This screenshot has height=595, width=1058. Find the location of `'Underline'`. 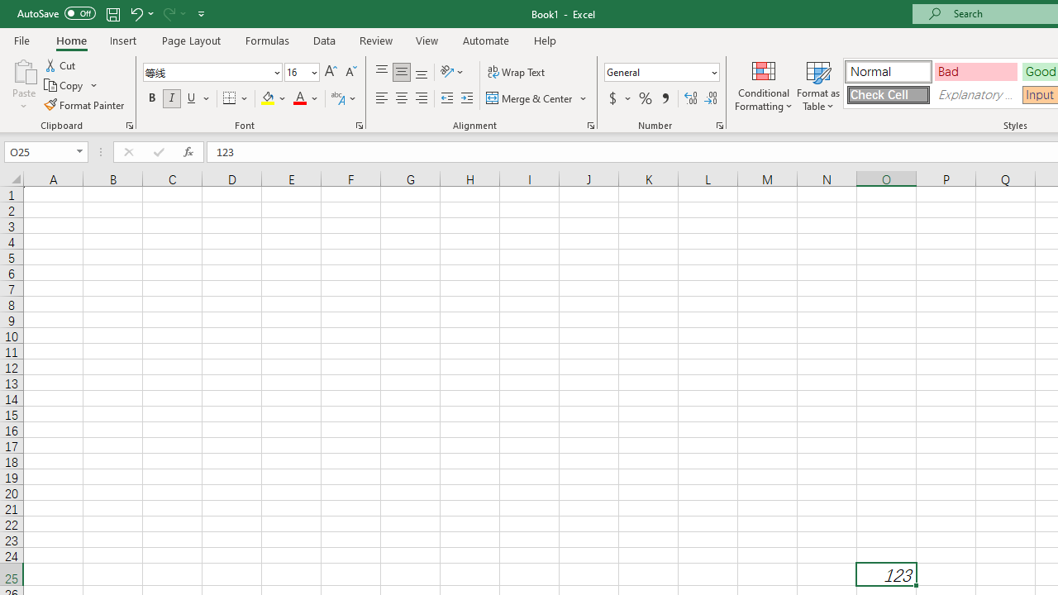

'Underline' is located at coordinates (192, 98).